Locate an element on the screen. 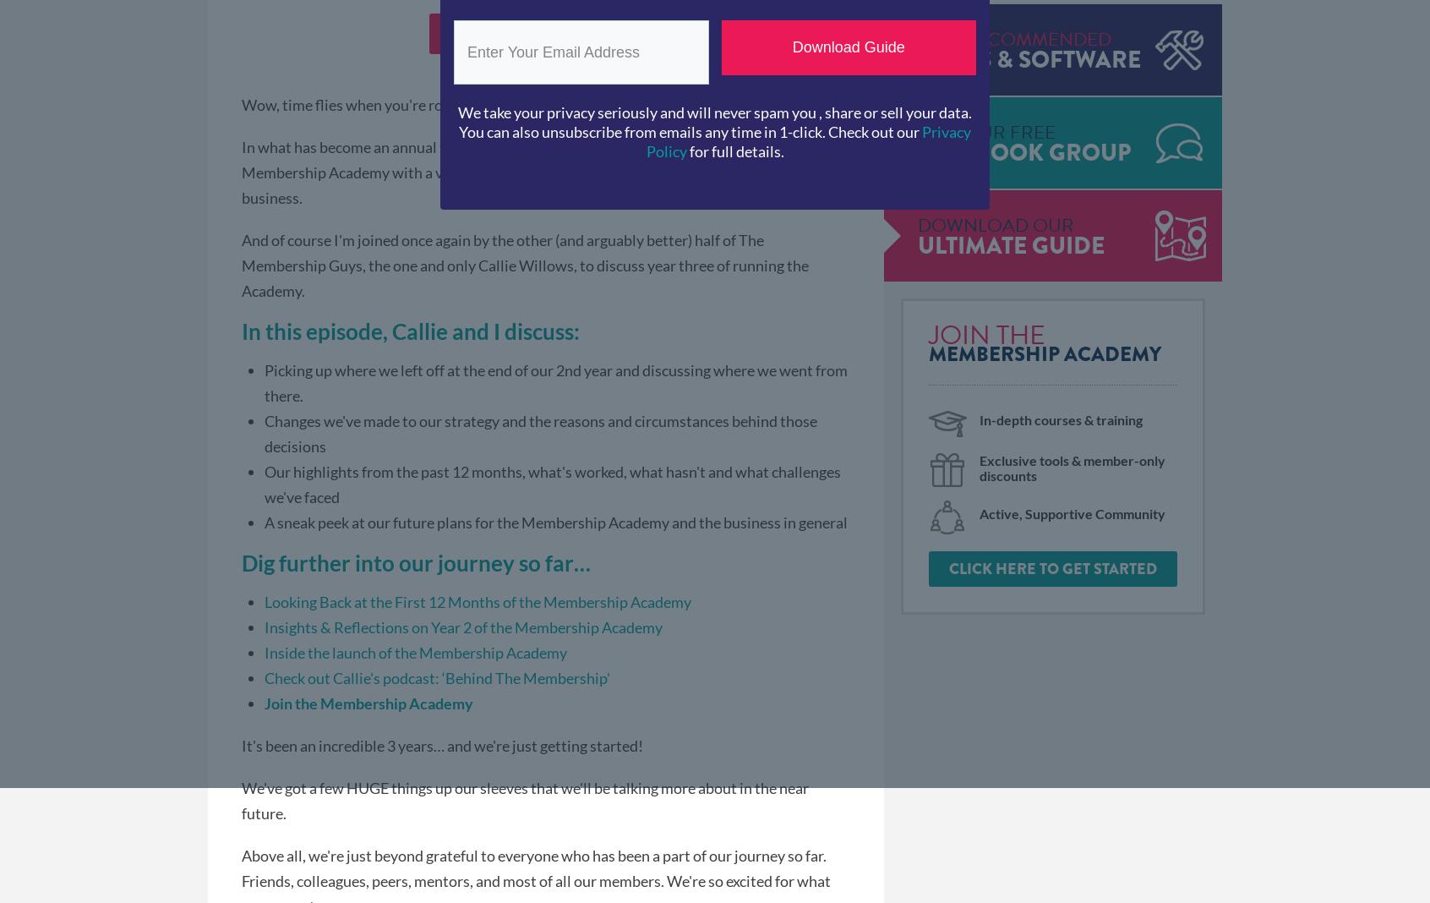  'Download our' is located at coordinates (917, 225).